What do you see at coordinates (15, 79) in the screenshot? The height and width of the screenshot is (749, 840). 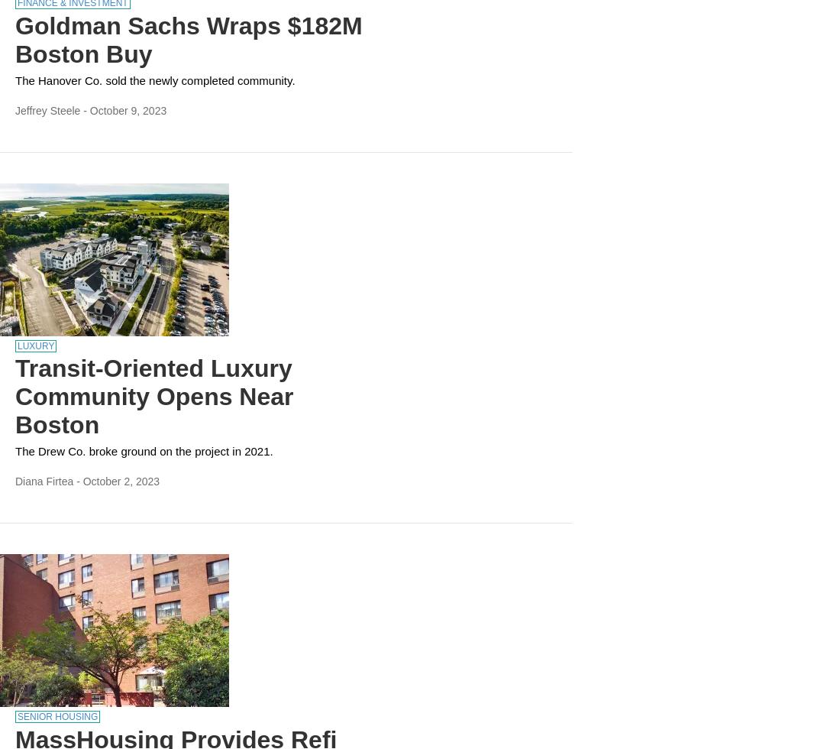 I see `'The Hanover Co. sold the newly completed community.'` at bounding box center [15, 79].